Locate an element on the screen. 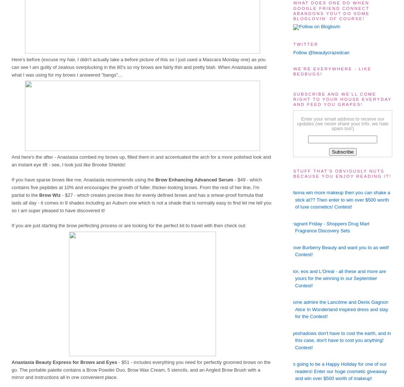  'Twitter' is located at coordinates (305, 43).